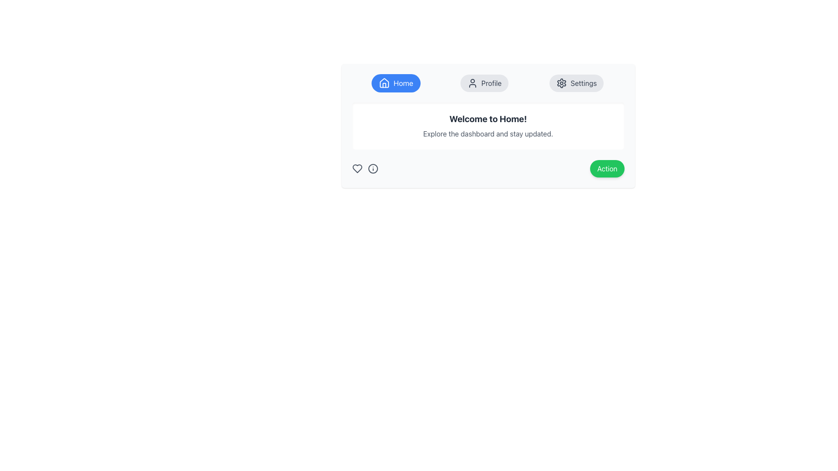  What do you see at coordinates (488, 119) in the screenshot?
I see `the Text Label that serves as a header or title welcoming the user to the home page, located above the descriptive text 'Explore the dashboard and stay updated.'` at bounding box center [488, 119].